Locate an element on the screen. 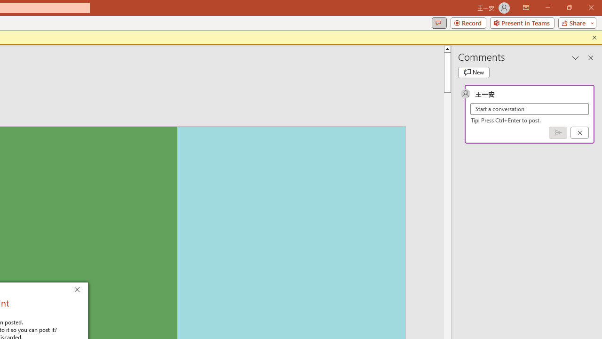 This screenshot has width=602, height=339. 'Start a conversation' is located at coordinates (530, 108).